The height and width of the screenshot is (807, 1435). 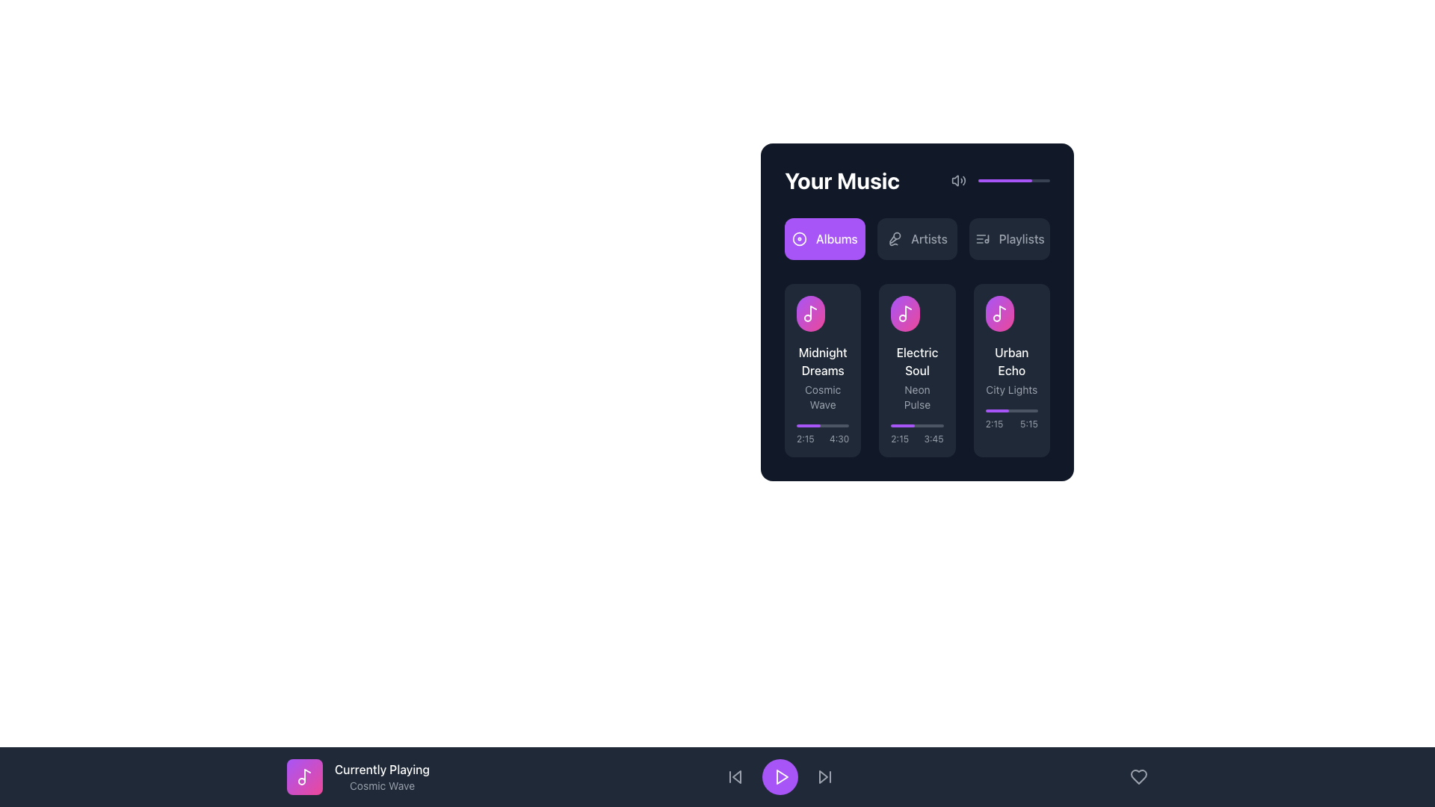 I want to click on the 'Artists' button with a dark gray background and a microphone icon, so click(x=916, y=238).